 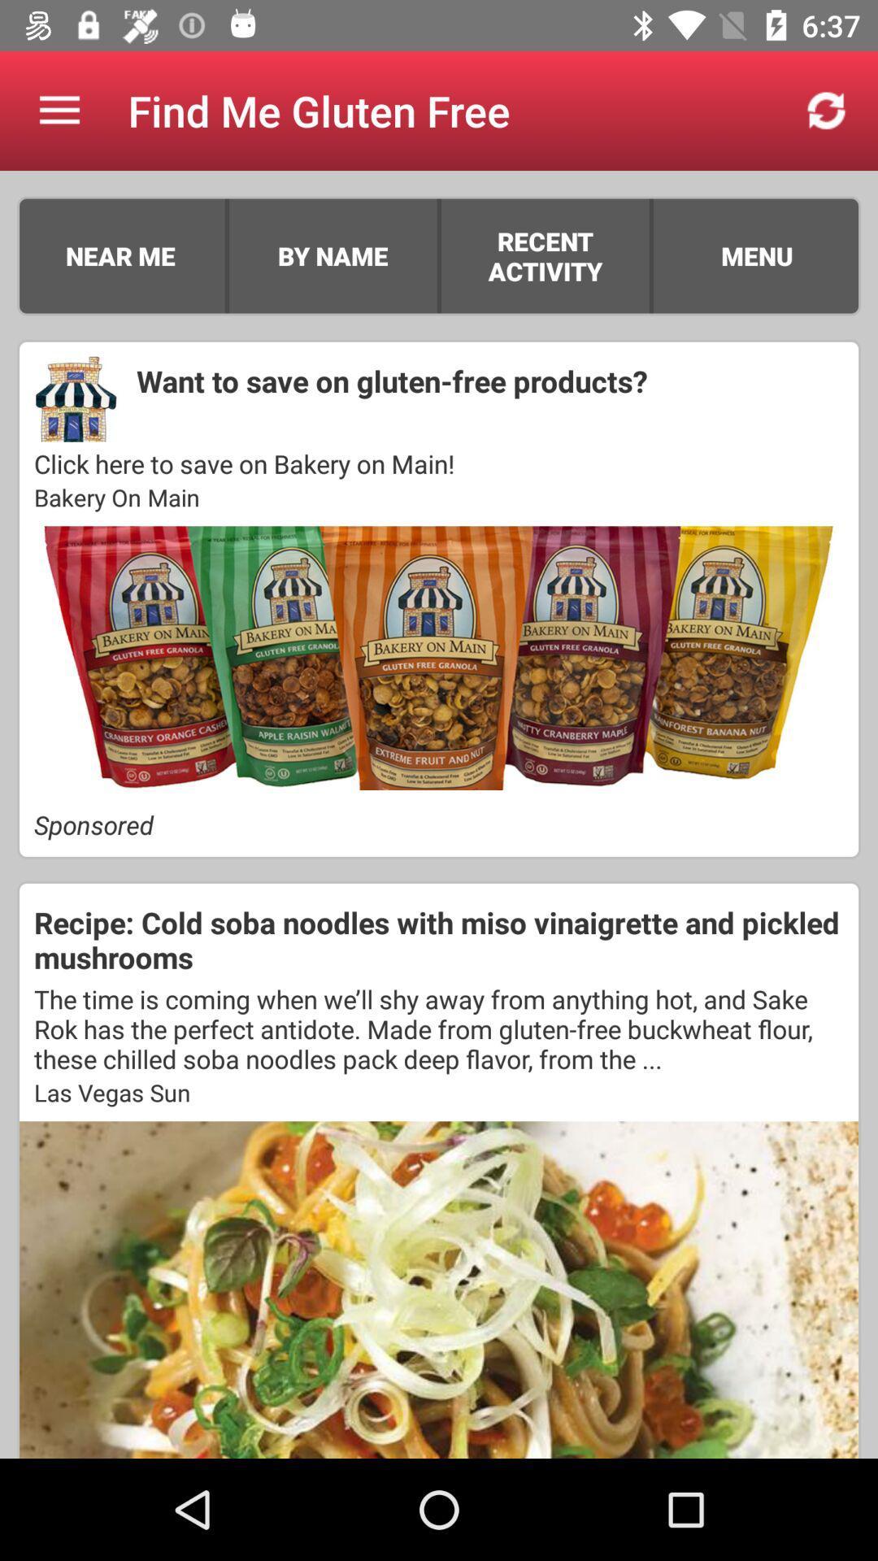 What do you see at coordinates (439, 1028) in the screenshot?
I see `the item above las vegas sun` at bounding box center [439, 1028].